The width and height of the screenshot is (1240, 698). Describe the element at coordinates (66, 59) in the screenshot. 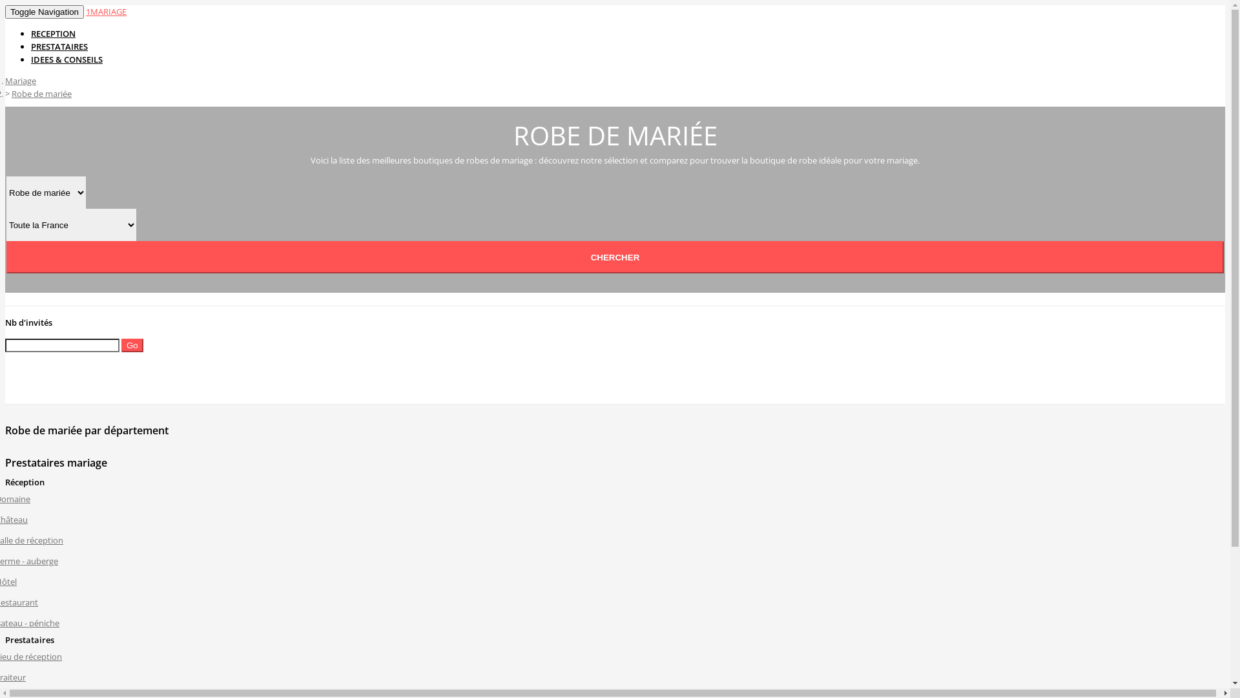

I see `'IDEES & CONSEILS'` at that location.